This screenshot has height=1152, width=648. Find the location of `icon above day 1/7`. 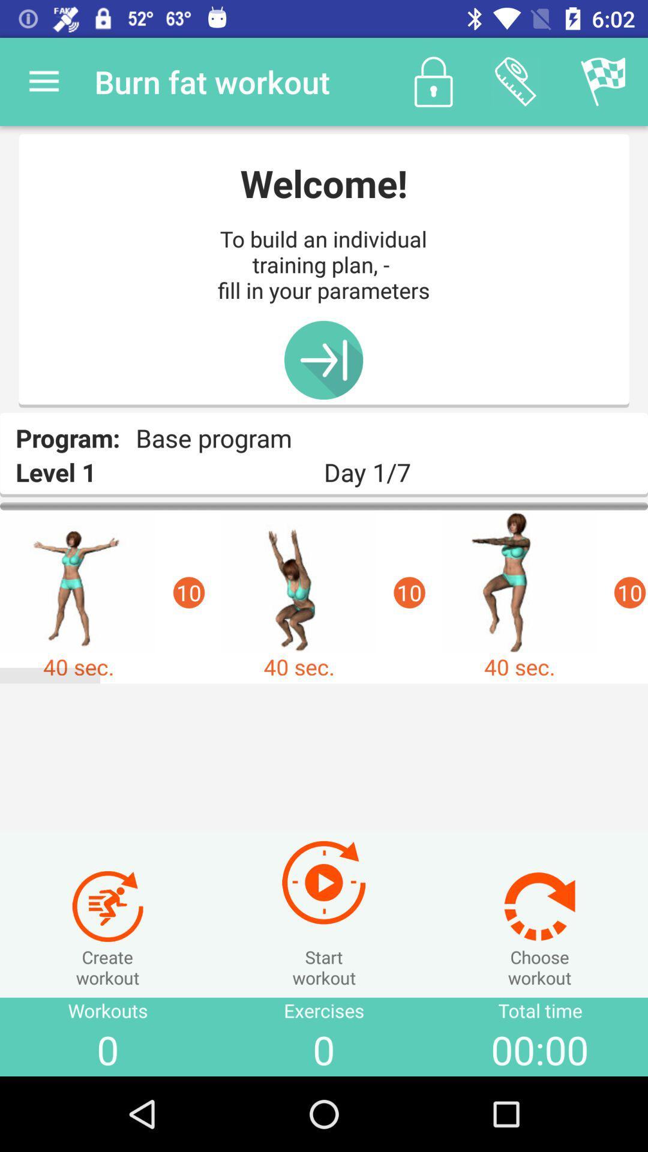

icon above day 1/7 is located at coordinates (515, 81).